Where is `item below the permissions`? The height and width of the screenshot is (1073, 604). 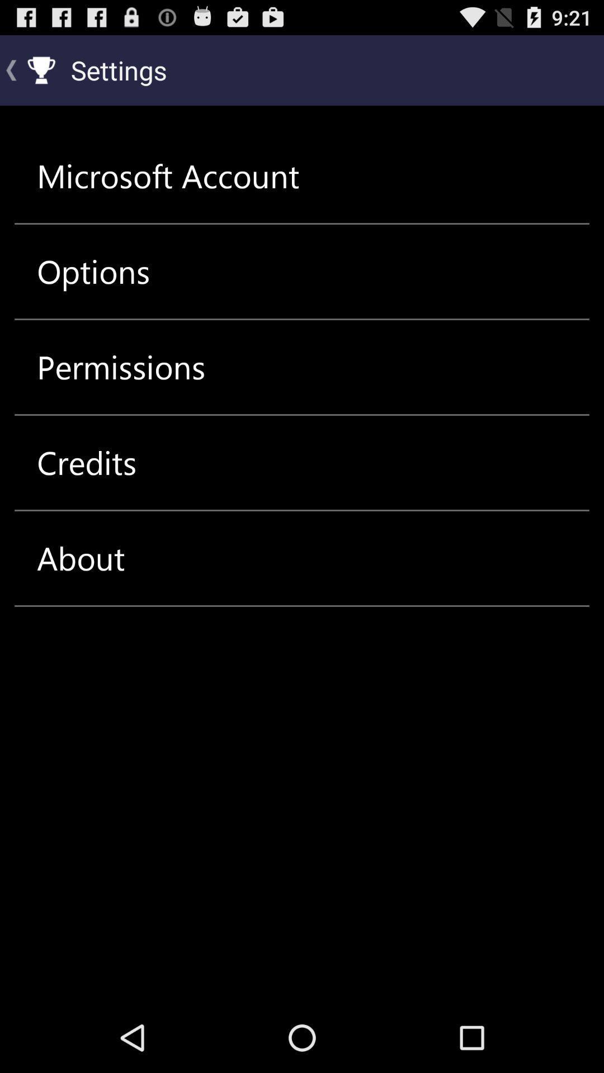 item below the permissions is located at coordinates (86, 463).